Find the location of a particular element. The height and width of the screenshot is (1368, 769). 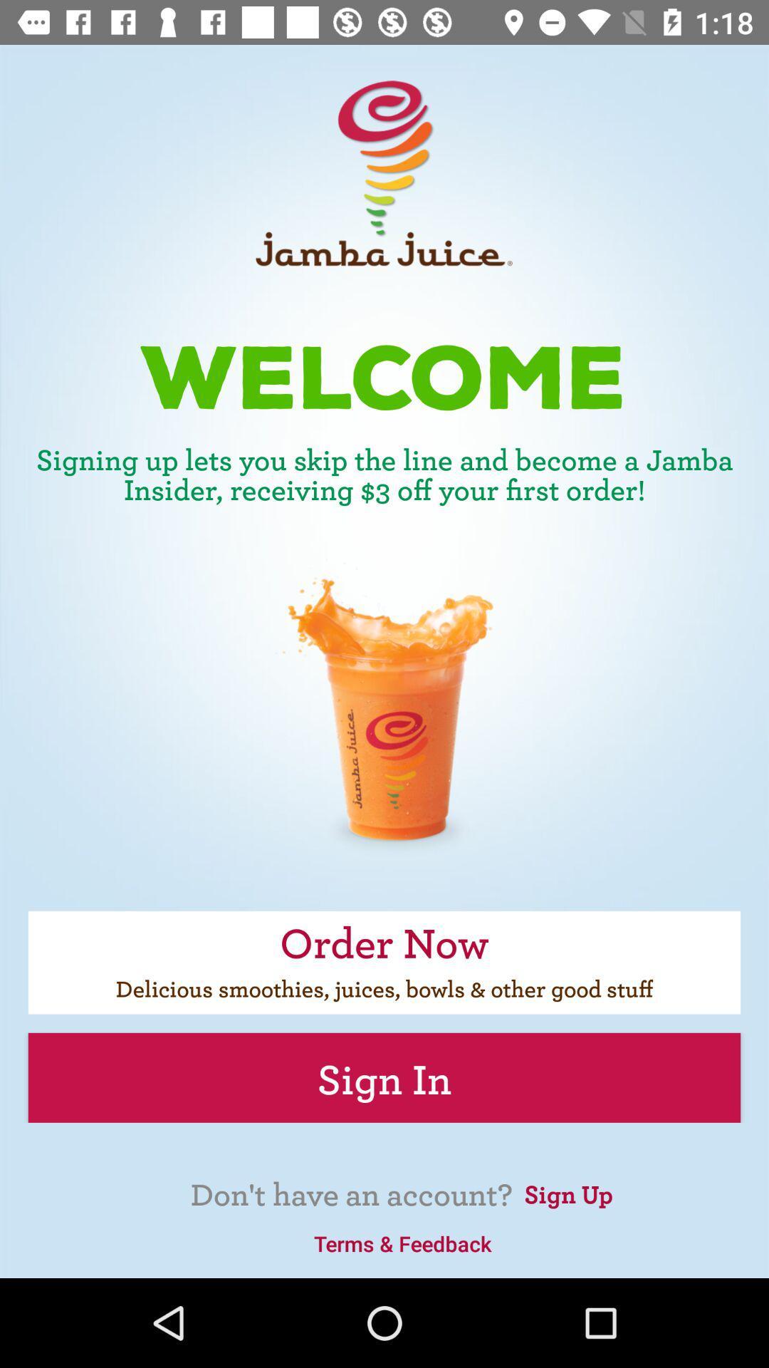

terms & feedback icon is located at coordinates (402, 1243).